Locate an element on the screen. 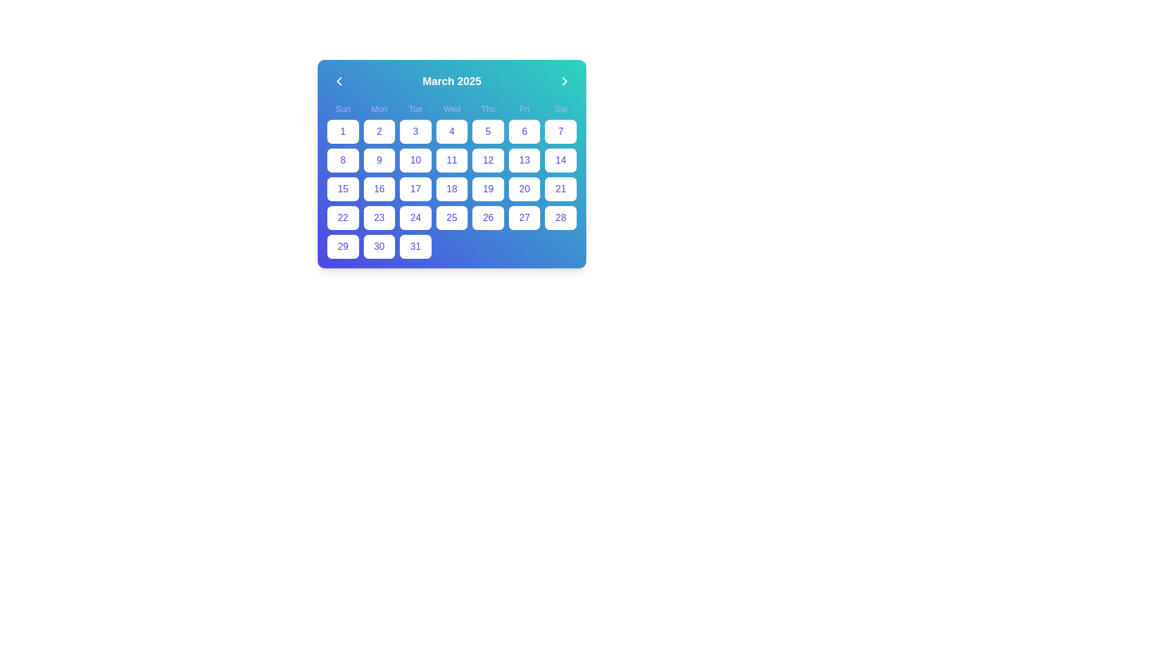 The image size is (1151, 647). the left-pointing chevron icon located in the top-left corner of the calendar interface is located at coordinates (339, 81).